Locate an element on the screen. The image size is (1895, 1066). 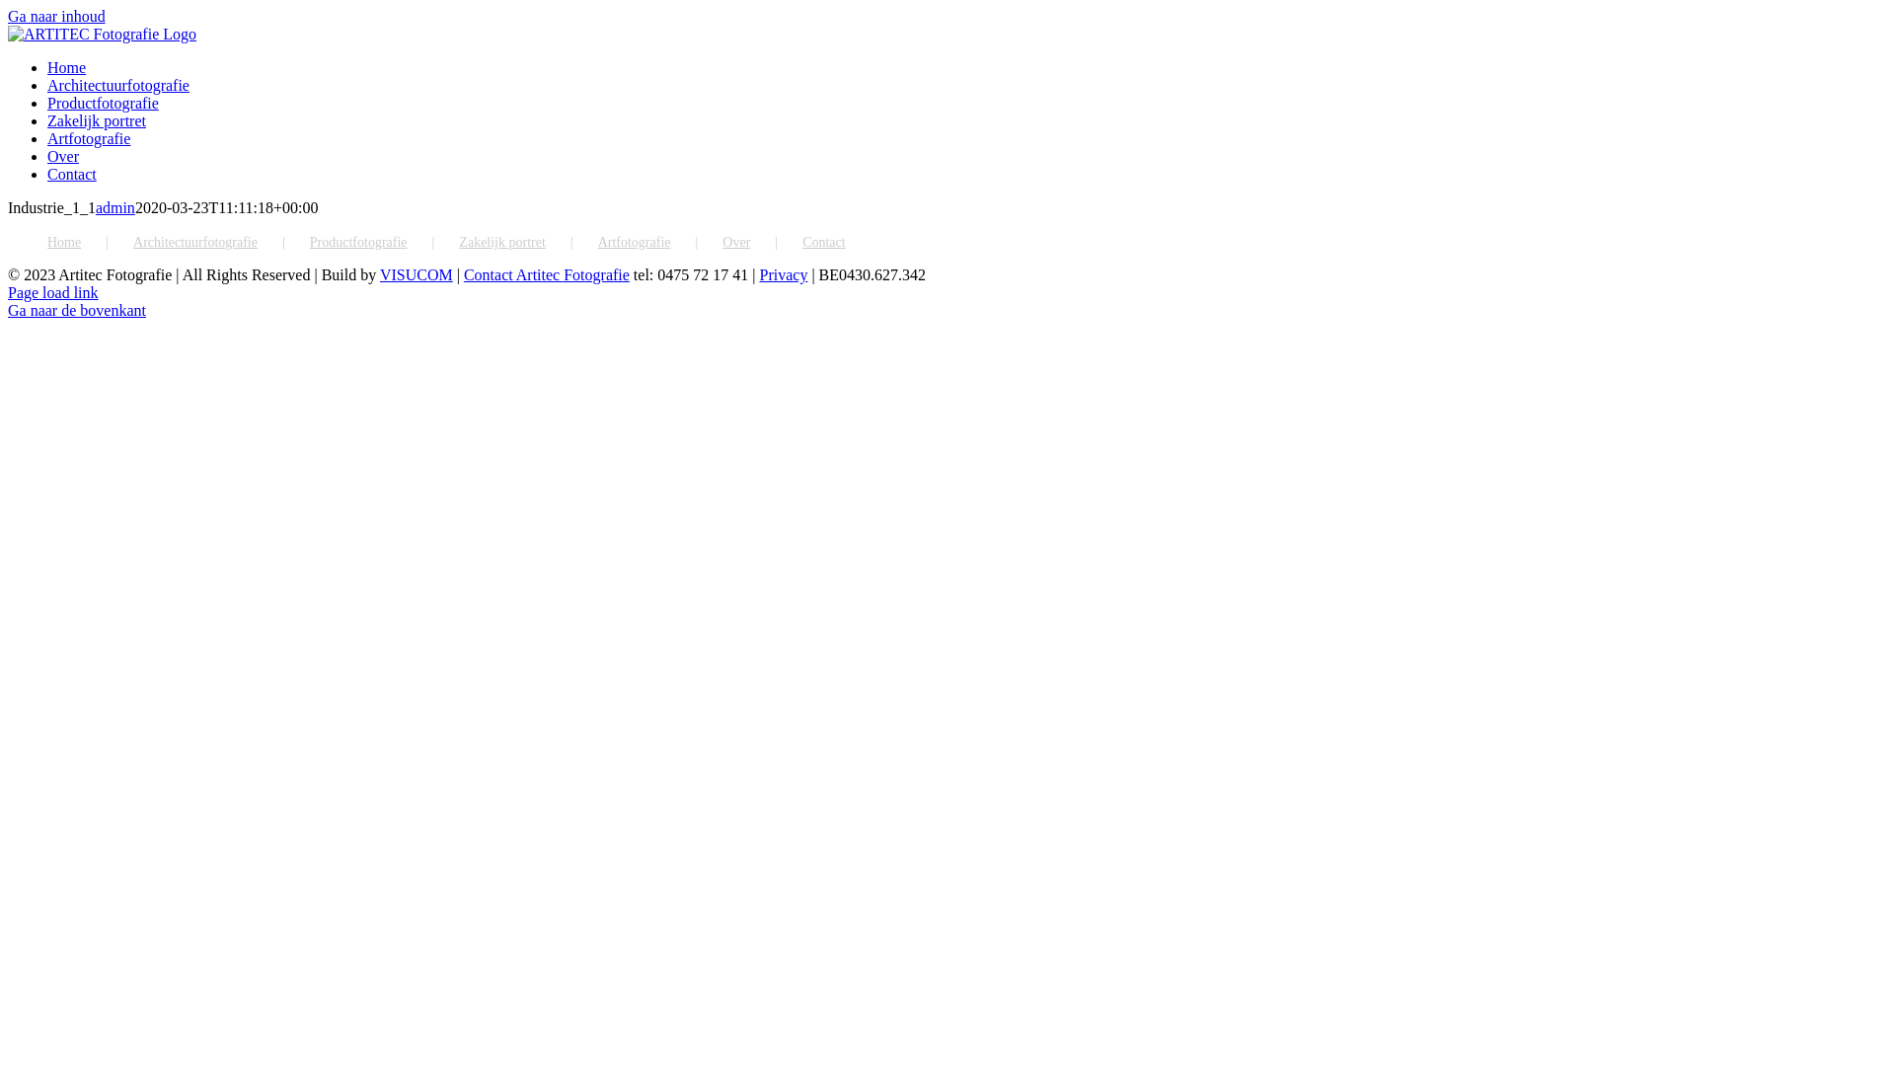
'Privacy' is located at coordinates (783, 274).